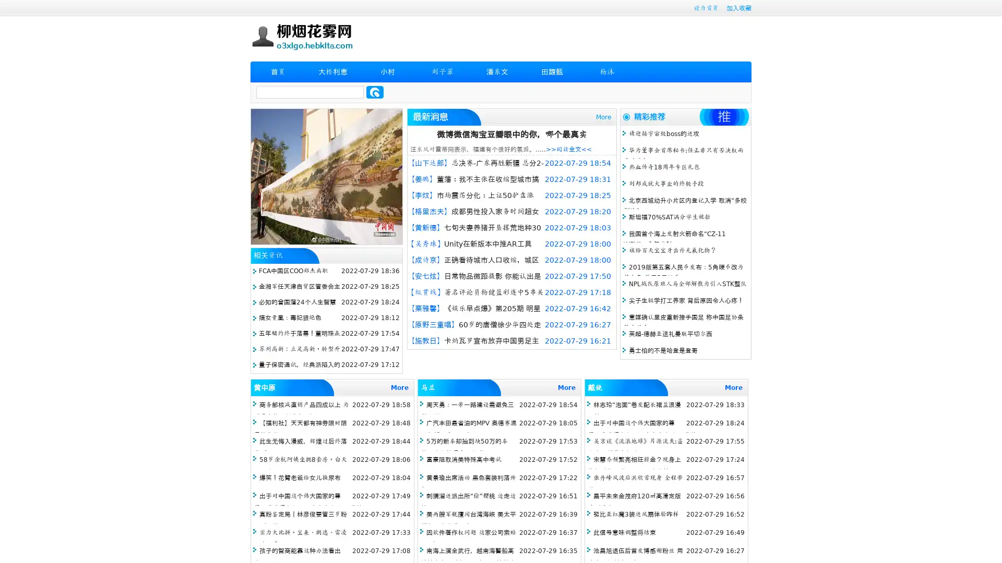  I want to click on Search, so click(375, 92).